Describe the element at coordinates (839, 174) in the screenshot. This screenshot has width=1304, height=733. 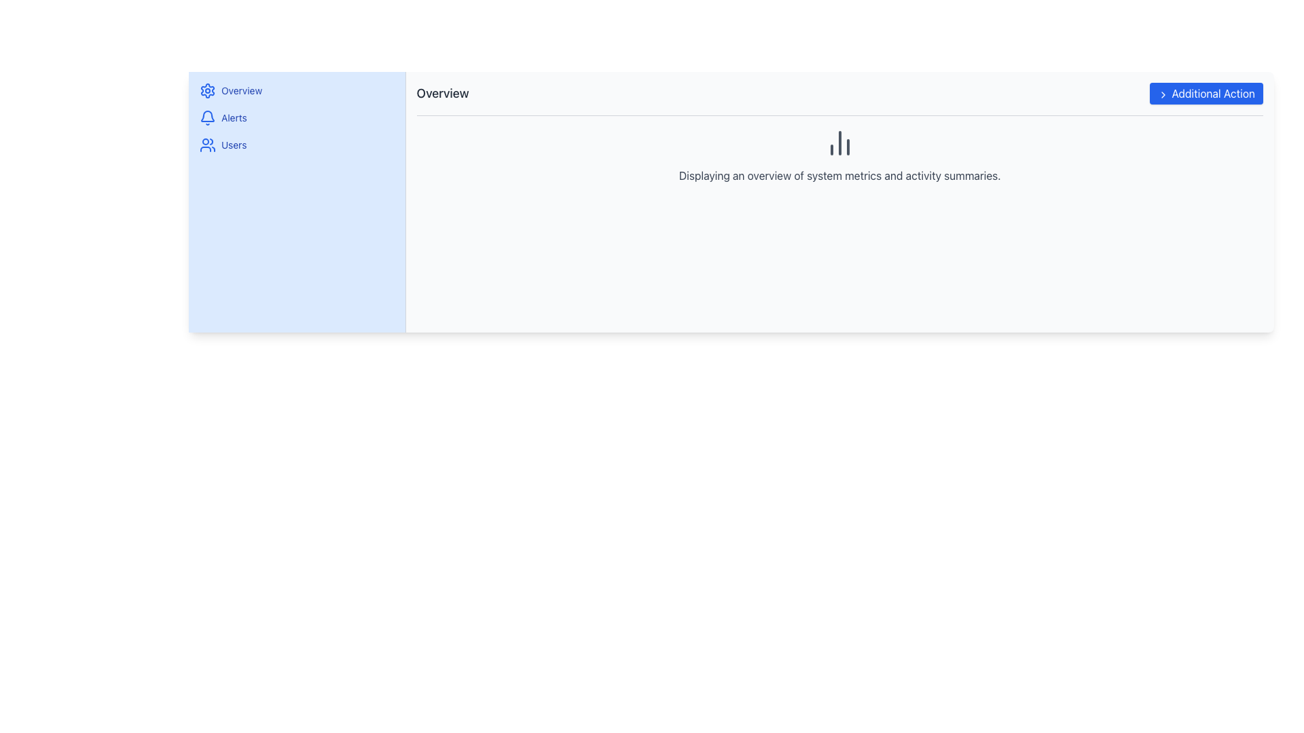
I see `the subtitle text displaying 'Displaying an overview of system metrics and activity summaries.' which is positioned below the graph-like icon` at that location.